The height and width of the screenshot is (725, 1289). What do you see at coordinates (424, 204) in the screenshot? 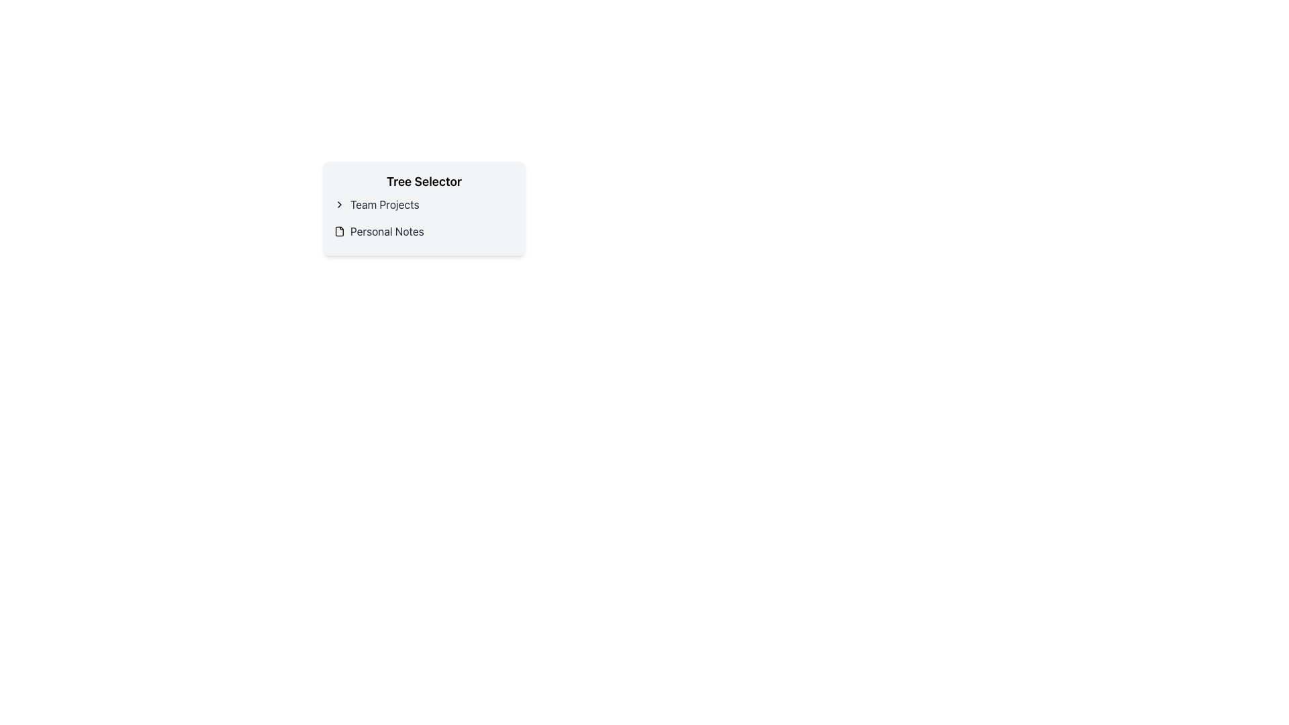
I see `the 'Team Projects' list item in the tree view` at bounding box center [424, 204].